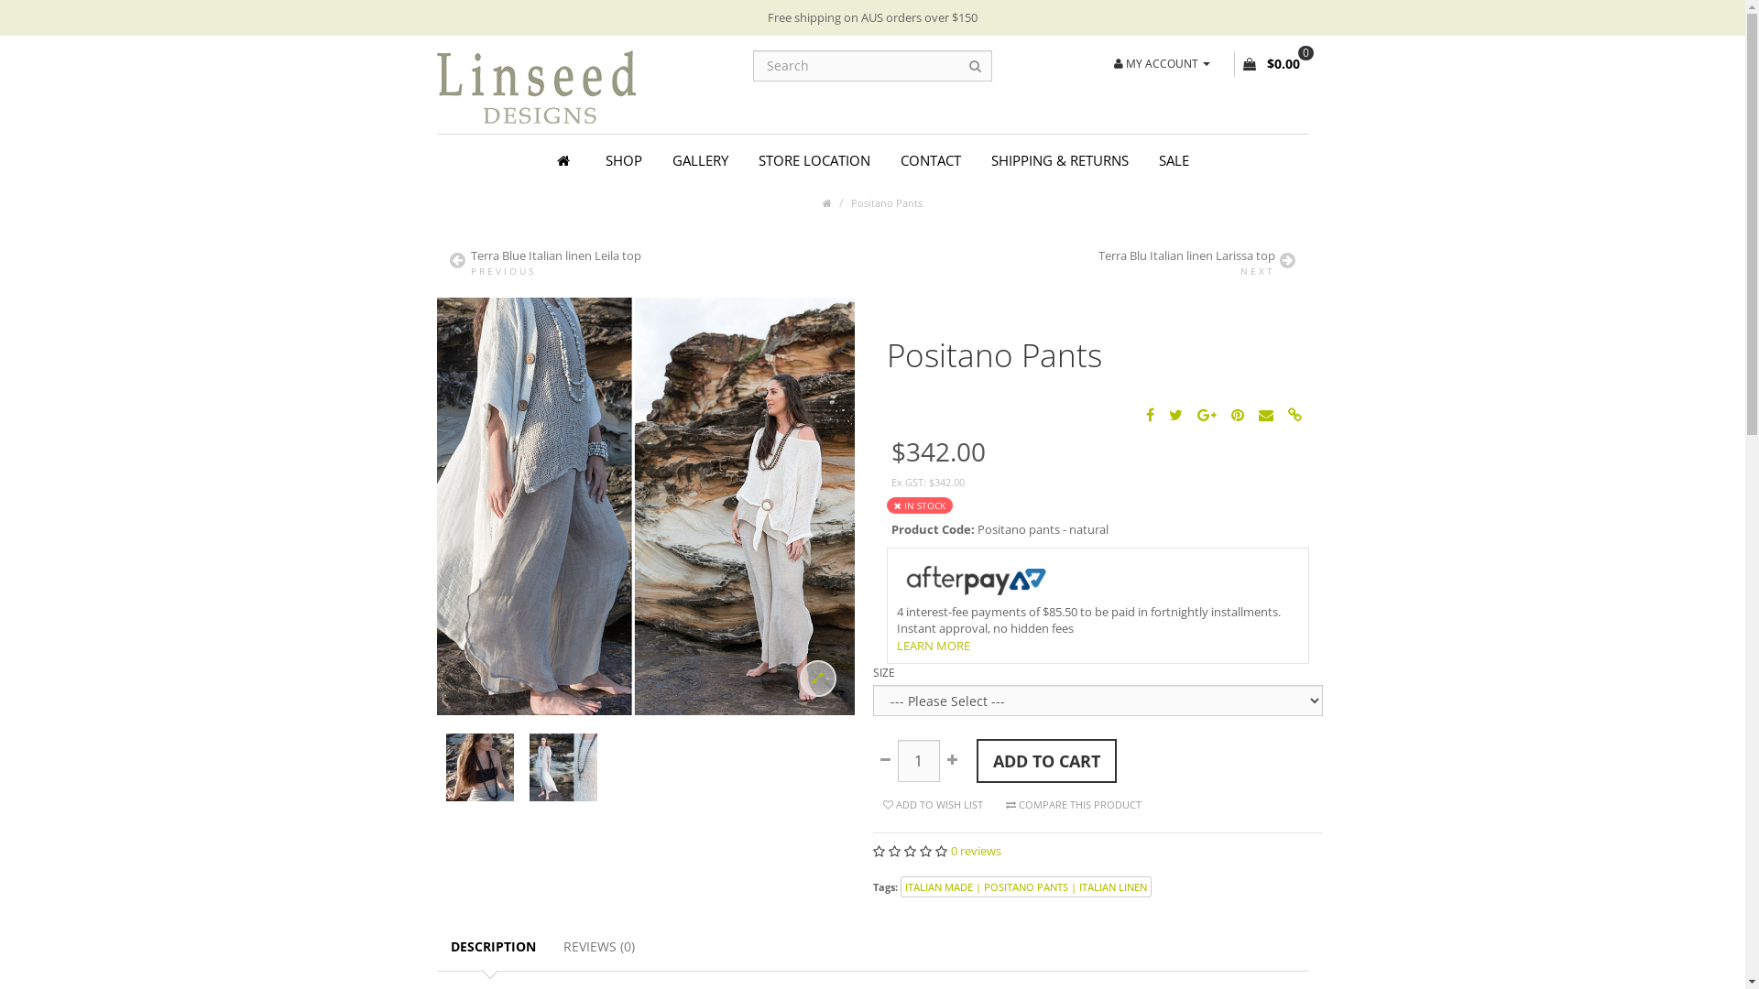 The height and width of the screenshot is (989, 1759). What do you see at coordinates (1023, 886) in the screenshot?
I see `'ITALIAN MADE | POSITANO PANTS | ITALIAN LINEN'` at bounding box center [1023, 886].